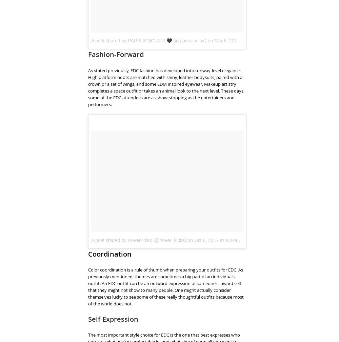 The height and width of the screenshot is (342, 339). I want to click on 'Coordination', so click(109, 254).